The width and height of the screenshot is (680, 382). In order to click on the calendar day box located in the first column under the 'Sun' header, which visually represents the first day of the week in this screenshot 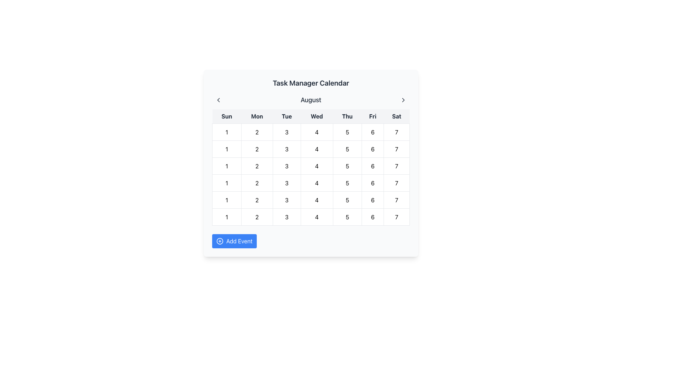, I will do `click(227, 216)`.